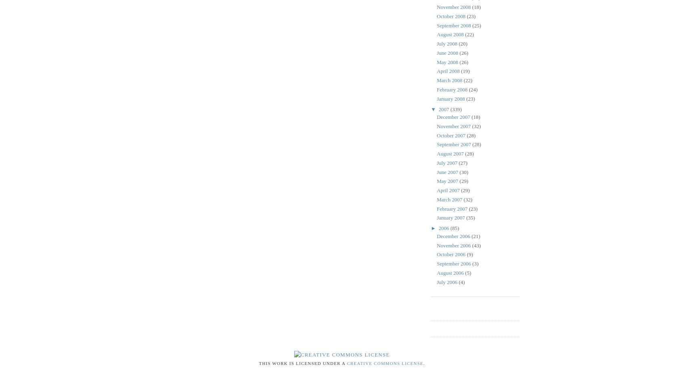 The height and width of the screenshot is (371, 684). Describe the element at coordinates (451, 135) in the screenshot. I see `'October 2007'` at that location.